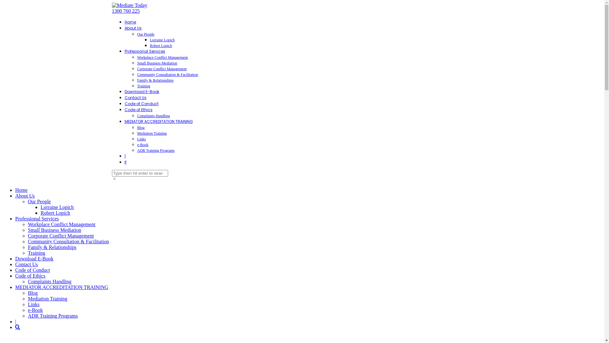 The height and width of the screenshot is (343, 609). What do you see at coordinates (129, 22) in the screenshot?
I see `'Home'` at bounding box center [129, 22].